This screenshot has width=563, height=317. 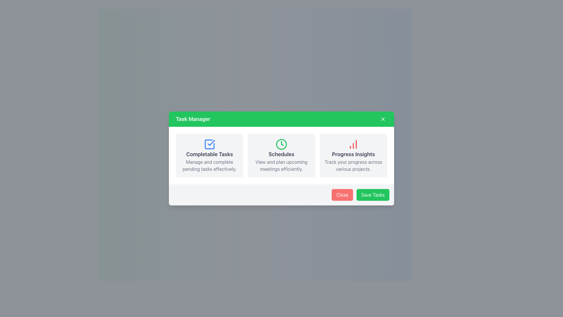 What do you see at coordinates (281, 154) in the screenshot?
I see `text label displaying 'Schedules' which is styled with a large font and positioned below a clock icon in the middle section of the interface` at bounding box center [281, 154].